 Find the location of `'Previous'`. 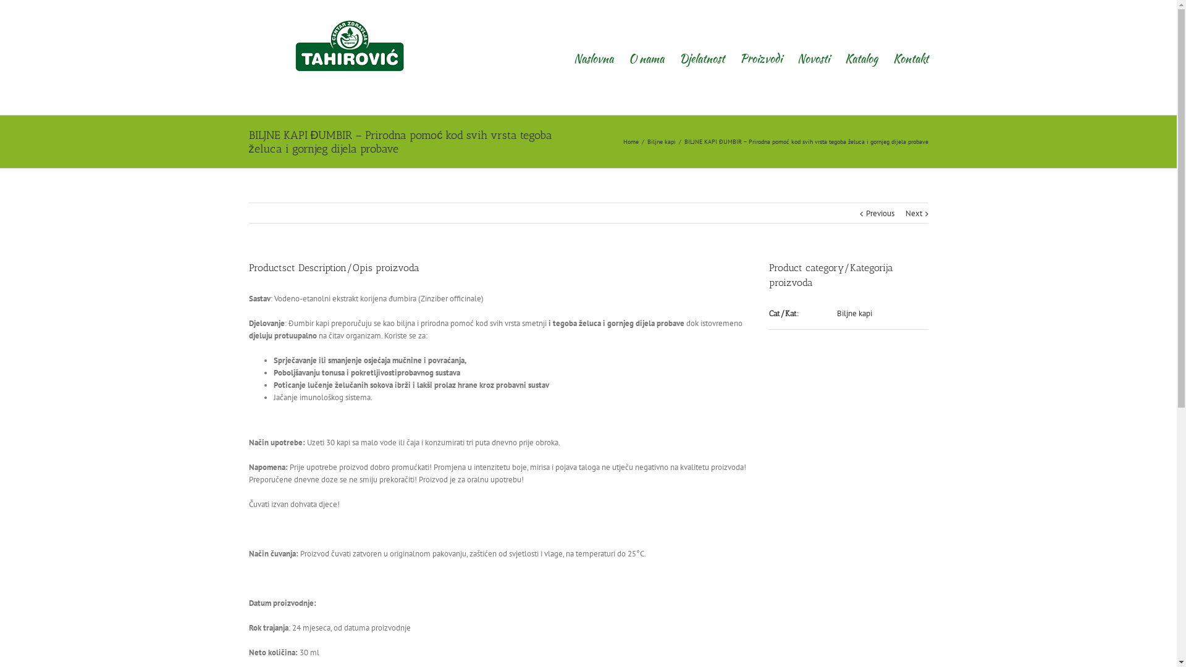

'Previous' is located at coordinates (880, 213).